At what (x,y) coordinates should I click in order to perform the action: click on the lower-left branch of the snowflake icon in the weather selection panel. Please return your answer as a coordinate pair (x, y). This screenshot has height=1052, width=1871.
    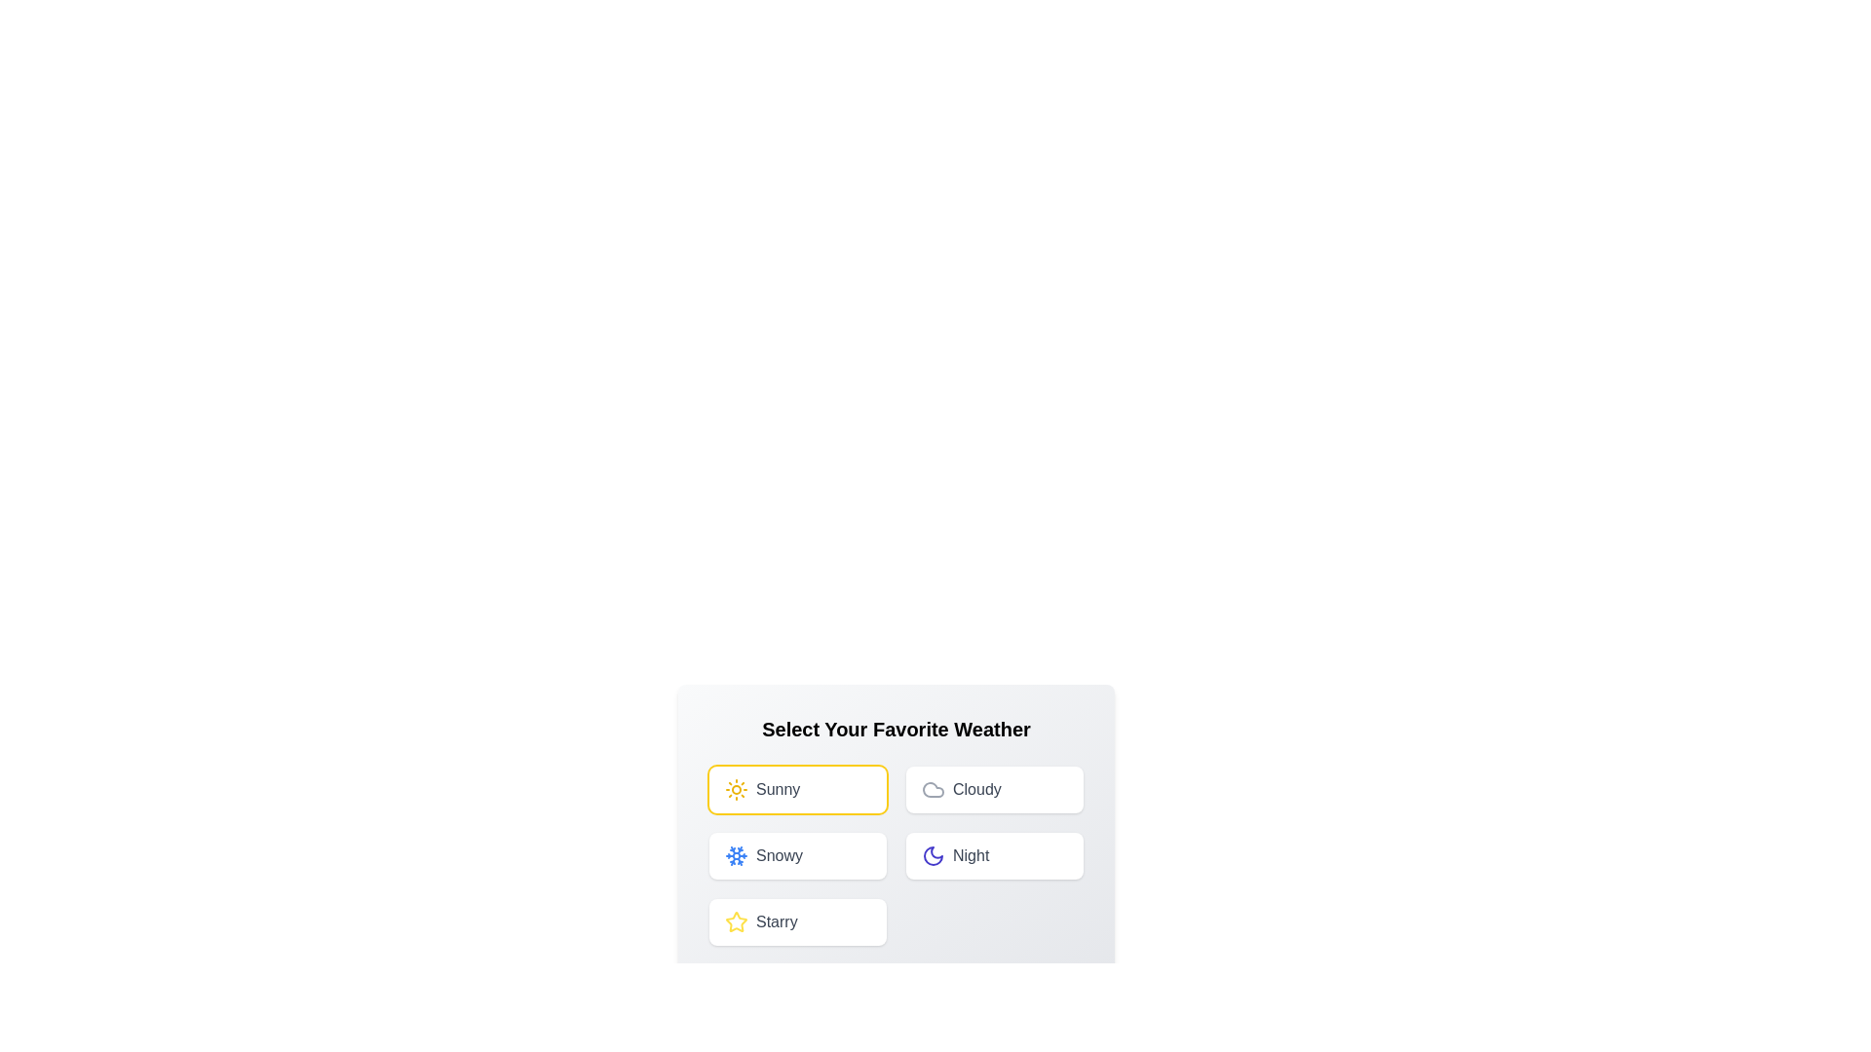
    Looking at the image, I should click on (732, 859).